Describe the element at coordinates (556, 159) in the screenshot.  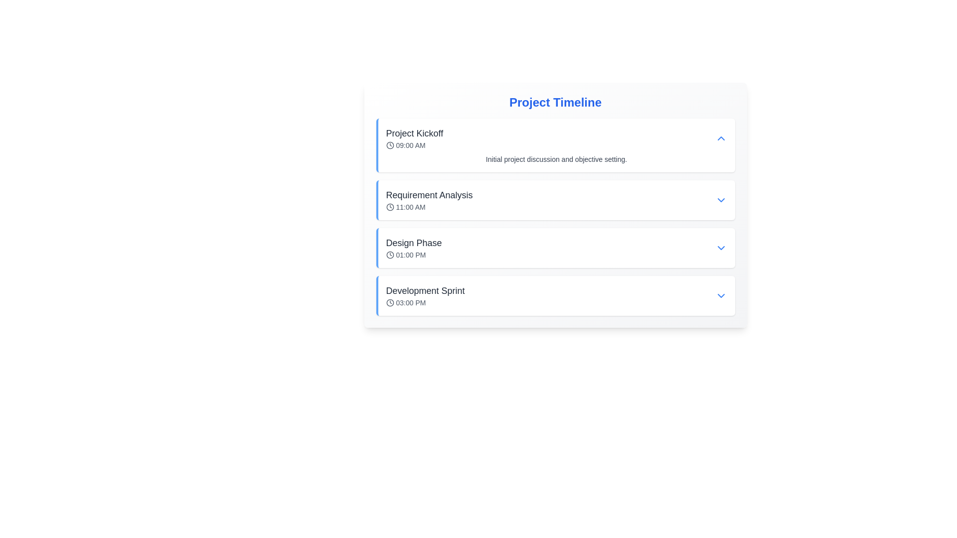
I see `the text label that says 'Initial project discussion and objective setting.' positioned below '09:00 AM' in the 'Project Kickoff' section of the 'Project Timeline' interface` at that location.